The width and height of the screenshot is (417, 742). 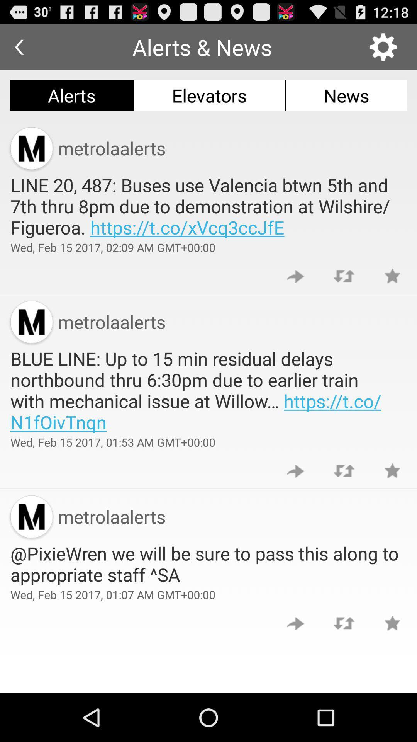 What do you see at coordinates (209, 95) in the screenshot?
I see `app below alerts & news app` at bounding box center [209, 95].